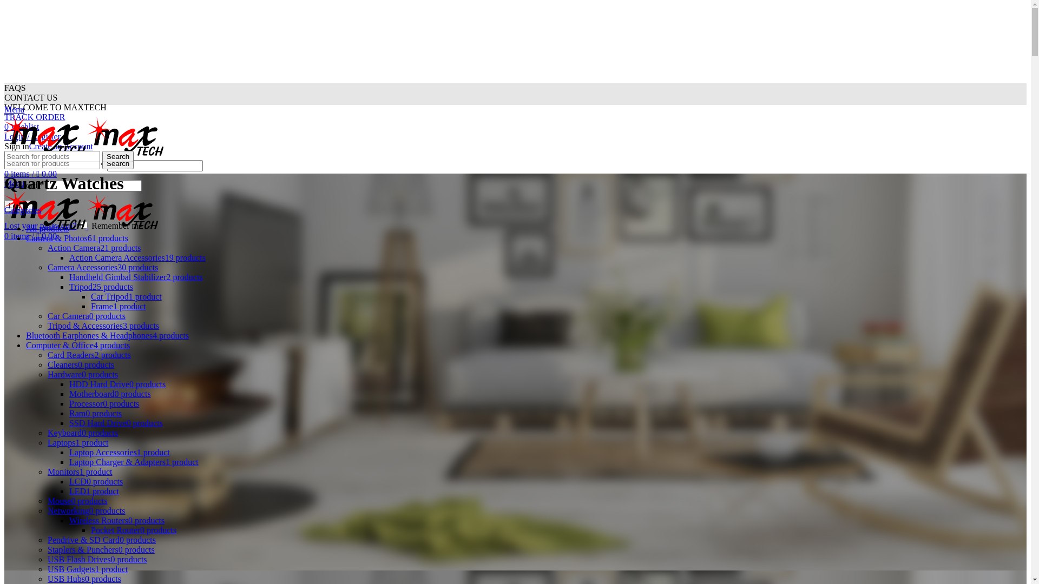  What do you see at coordinates (117, 383) in the screenshot?
I see `'HDD Hard Drive0 products'` at bounding box center [117, 383].